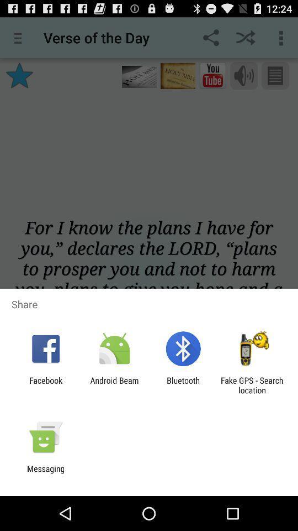  What do you see at coordinates (45, 473) in the screenshot?
I see `the messaging item` at bounding box center [45, 473].